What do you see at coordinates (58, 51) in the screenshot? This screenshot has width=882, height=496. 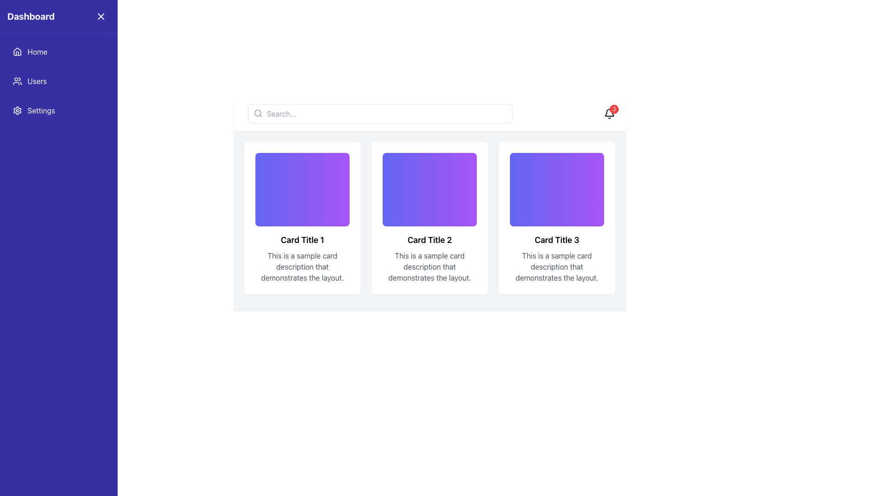 I see `the 'Home' navigation link, which is the first item in the vertical navigation menu` at bounding box center [58, 51].